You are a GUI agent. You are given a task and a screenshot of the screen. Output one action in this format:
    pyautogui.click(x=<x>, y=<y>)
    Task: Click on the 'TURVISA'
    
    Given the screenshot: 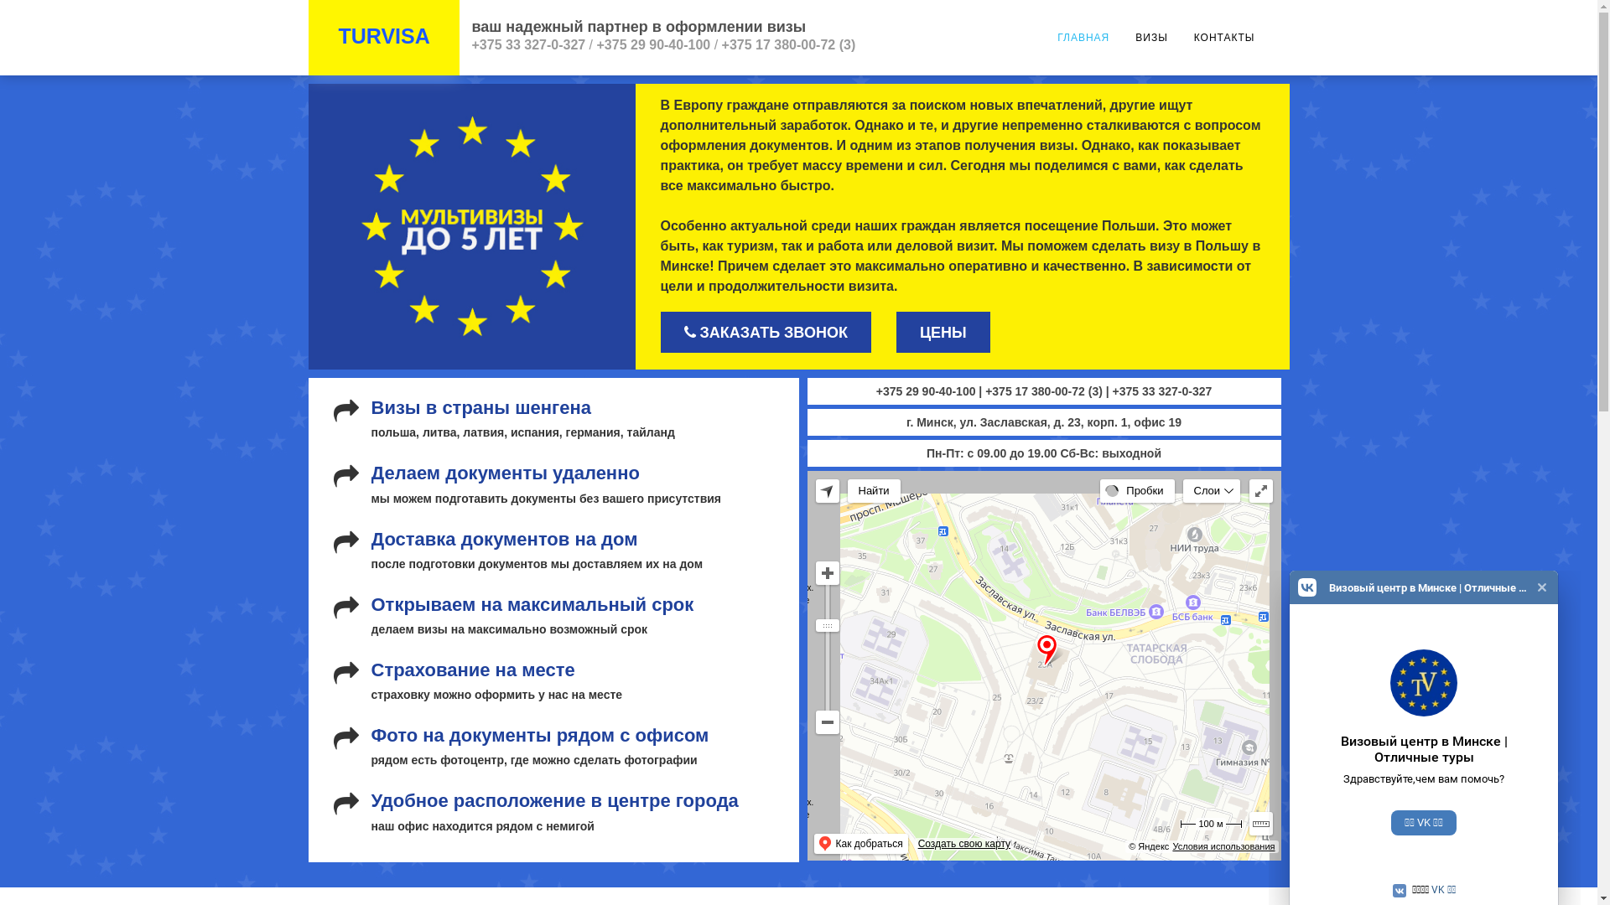 What is the action you would take?
    pyautogui.click(x=383, y=35)
    